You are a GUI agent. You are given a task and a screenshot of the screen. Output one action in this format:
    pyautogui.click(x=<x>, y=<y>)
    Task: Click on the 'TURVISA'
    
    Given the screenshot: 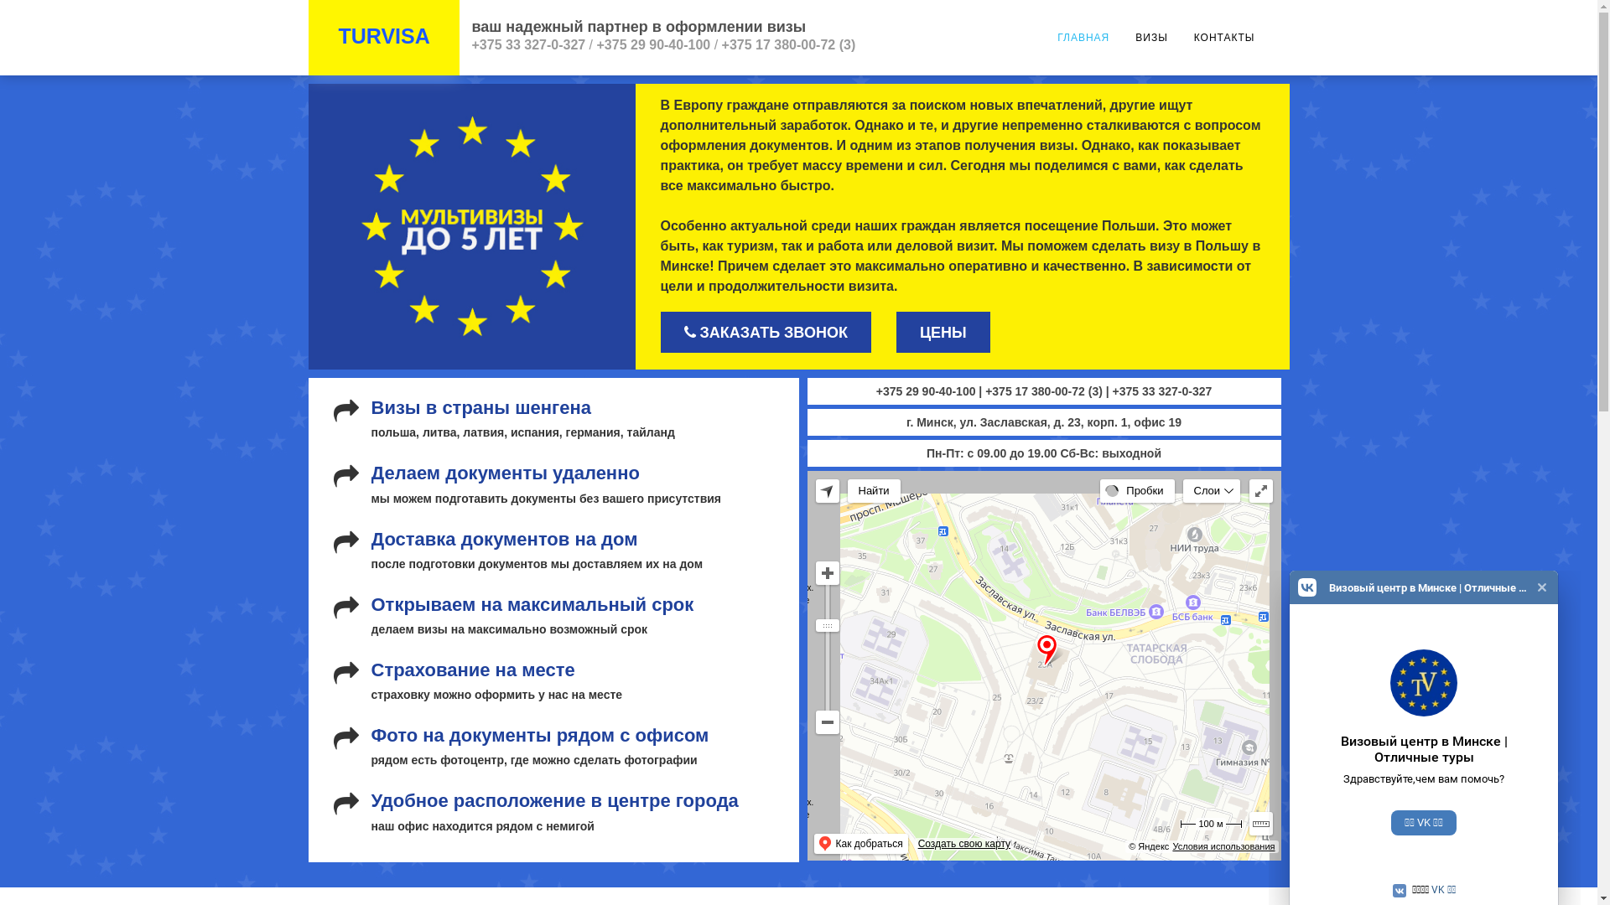 What is the action you would take?
    pyautogui.click(x=383, y=35)
    